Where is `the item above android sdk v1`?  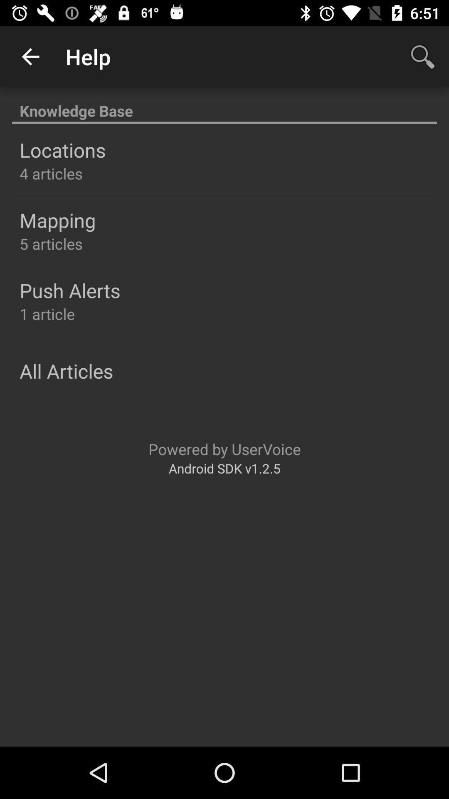
the item above android sdk v1 is located at coordinates (224, 449).